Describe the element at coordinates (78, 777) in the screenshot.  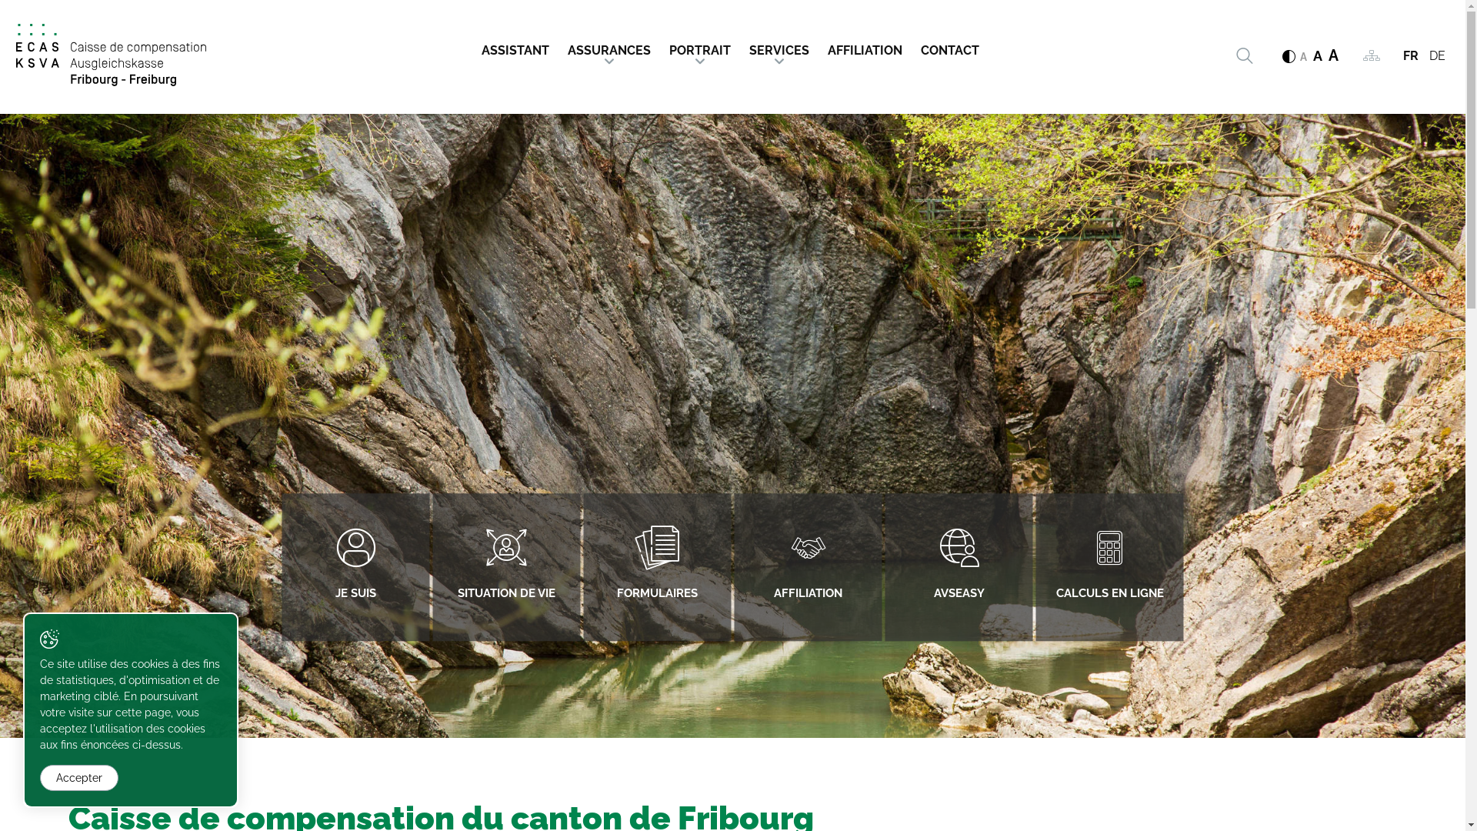
I see `'Accepter'` at that location.